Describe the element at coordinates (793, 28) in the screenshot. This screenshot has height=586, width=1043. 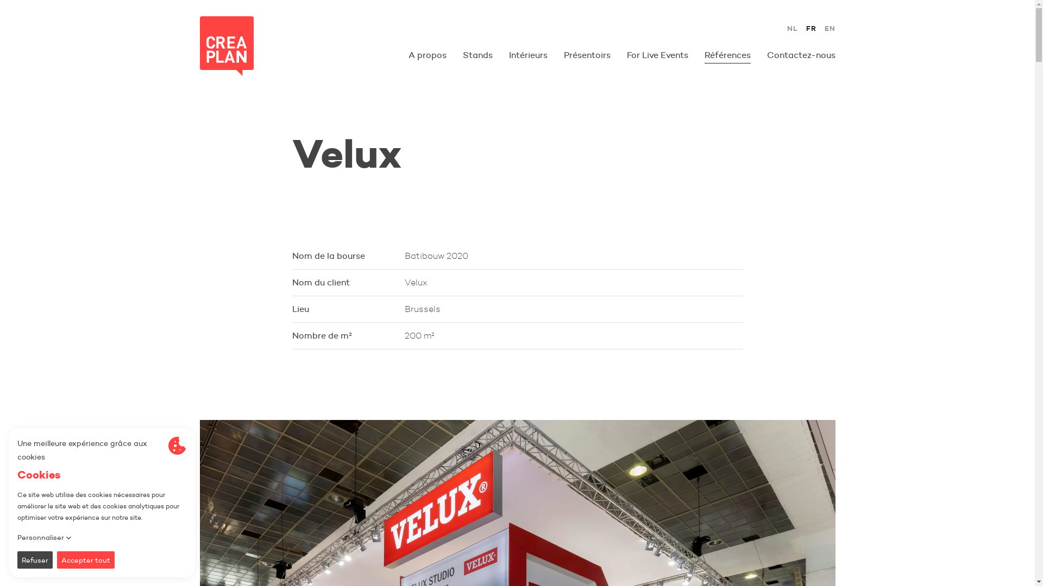
I see `'NL'` at that location.